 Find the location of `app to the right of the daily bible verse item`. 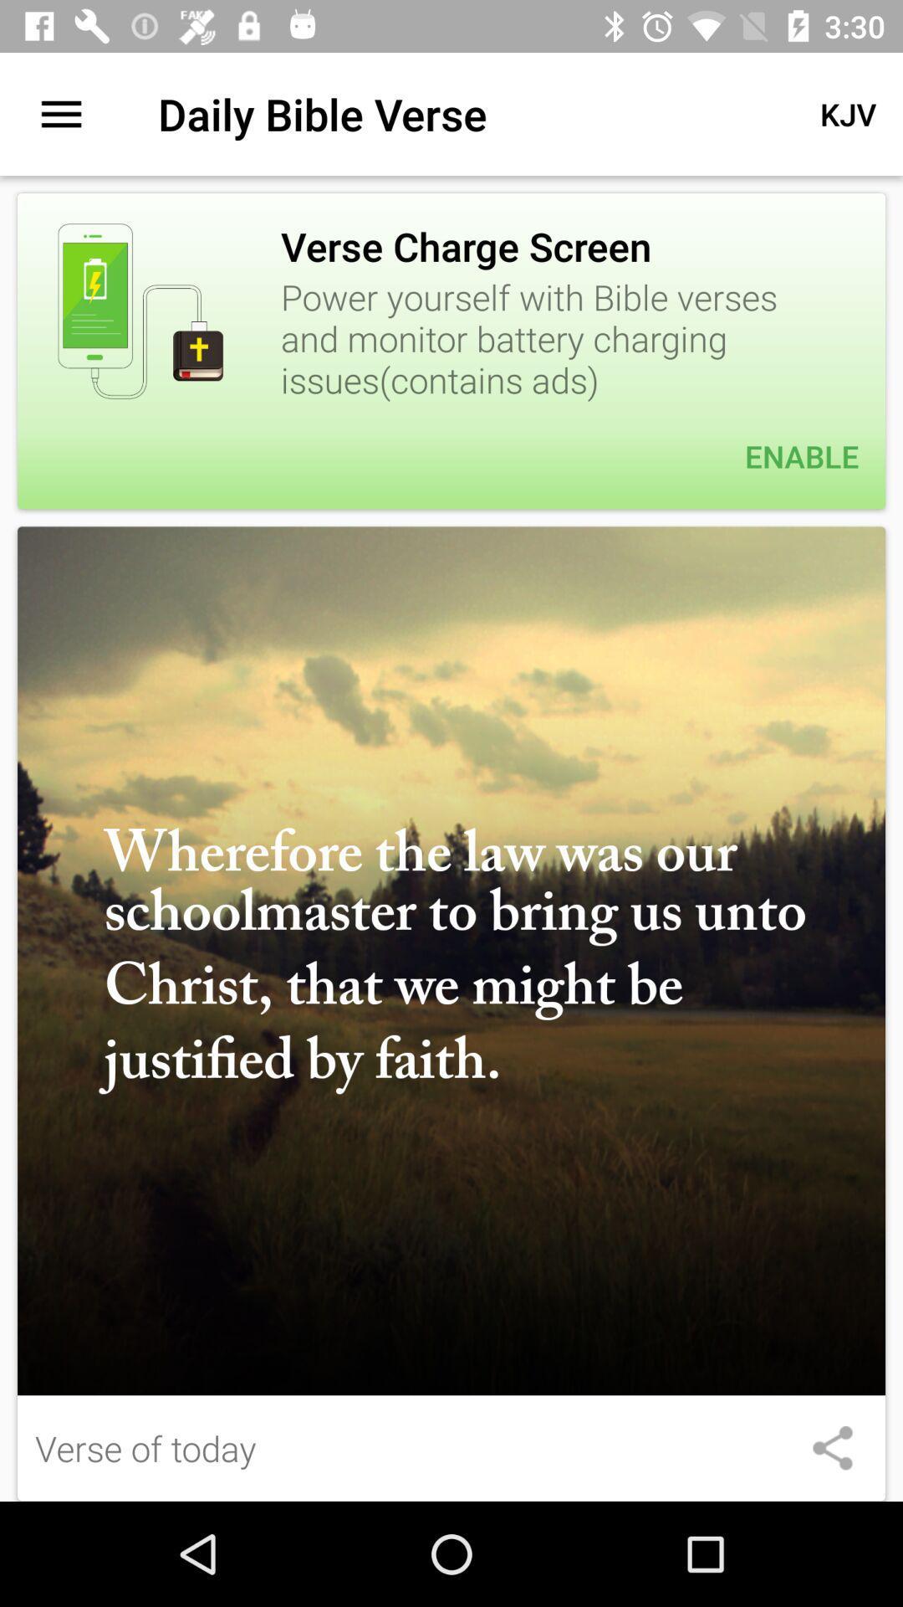

app to the right of the daily bible verse item is located at coordinates (848, 113).